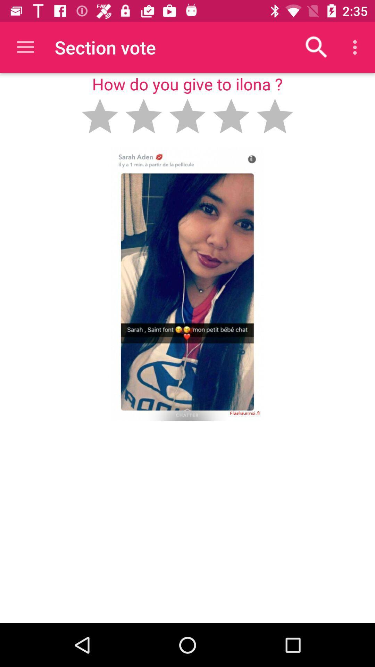  I want to click on the icon next to the section vote  app, so click(25, 47).